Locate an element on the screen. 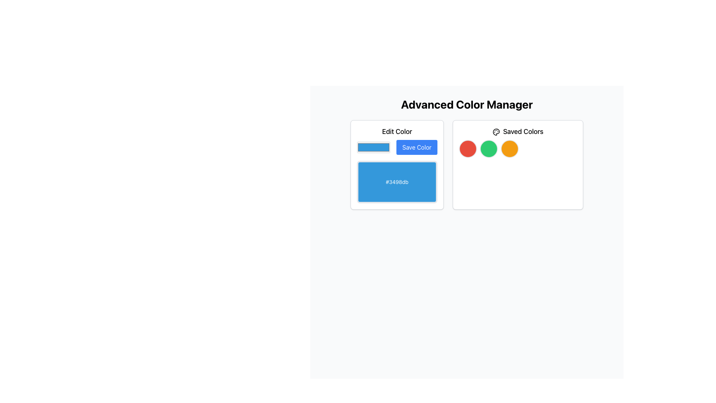  the Preview Box which visually represents a color and displays its hex code, located in the 'Edit Color' panel below the color input field and above the 'Save Color' button is located at coordinates (397, 182).